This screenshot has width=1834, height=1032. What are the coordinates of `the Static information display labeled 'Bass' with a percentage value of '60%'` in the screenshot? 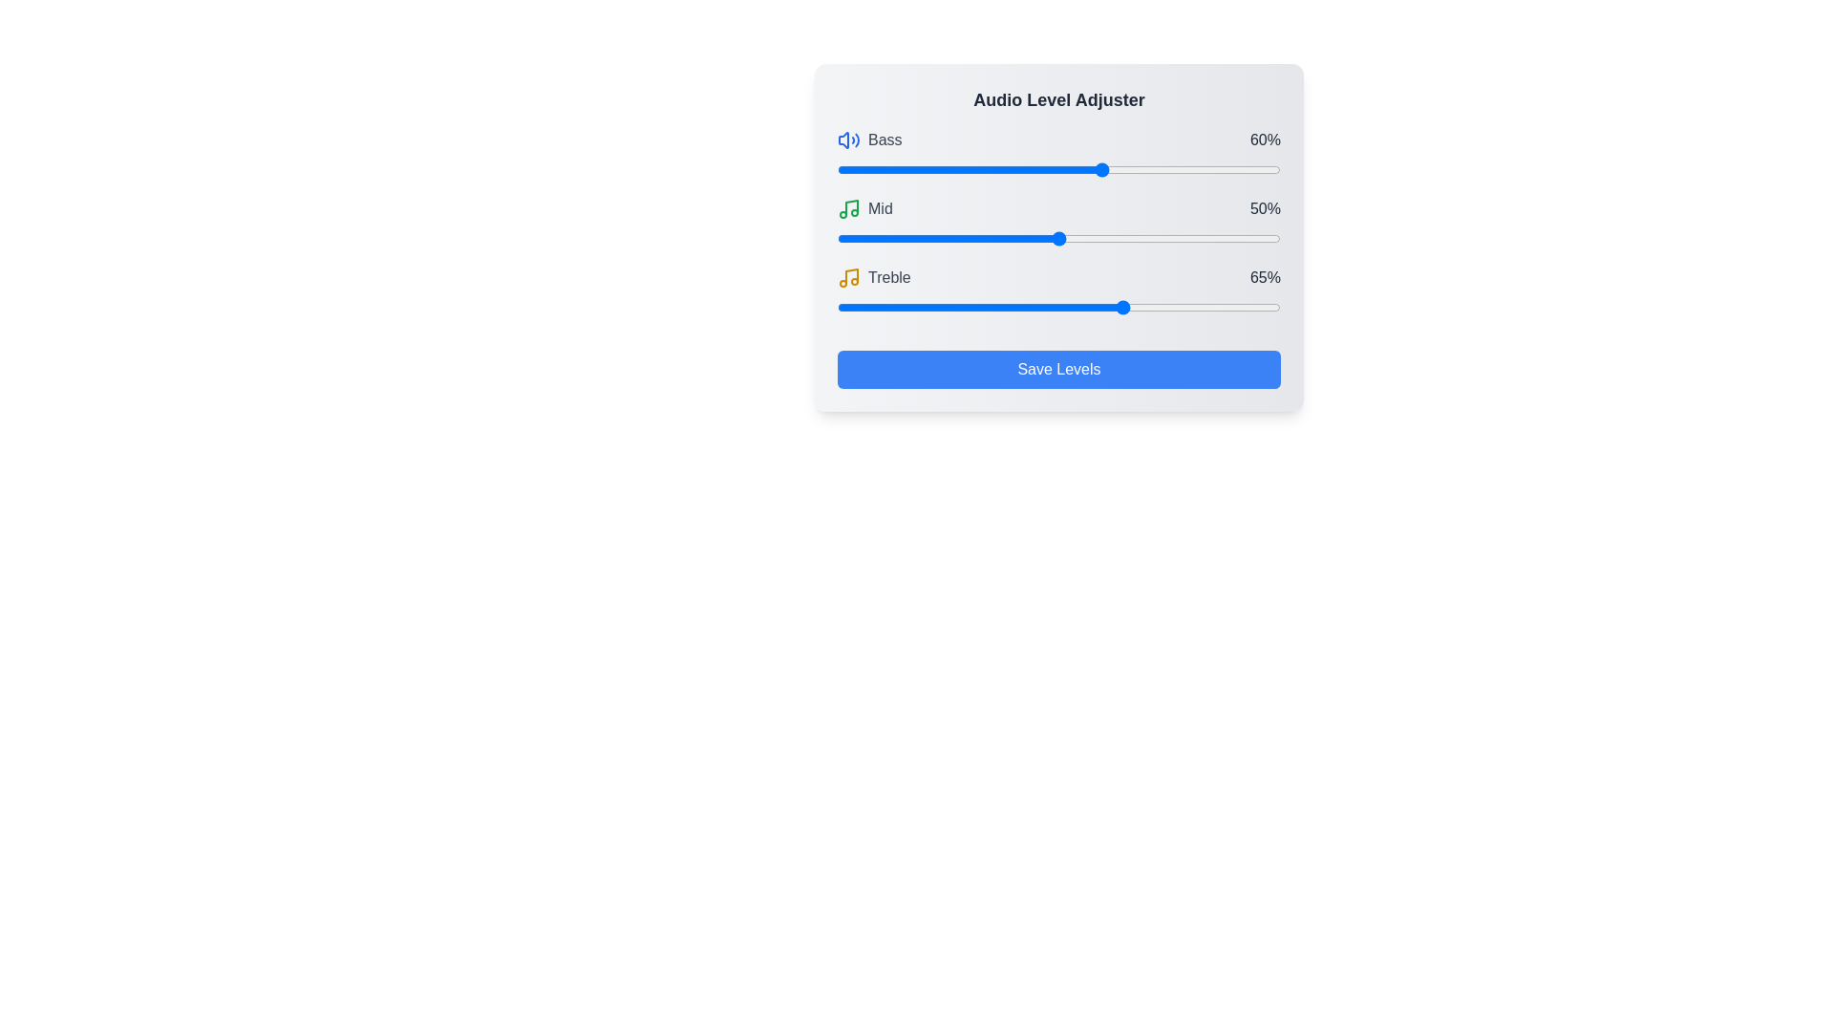 It's located at (1057, 139).